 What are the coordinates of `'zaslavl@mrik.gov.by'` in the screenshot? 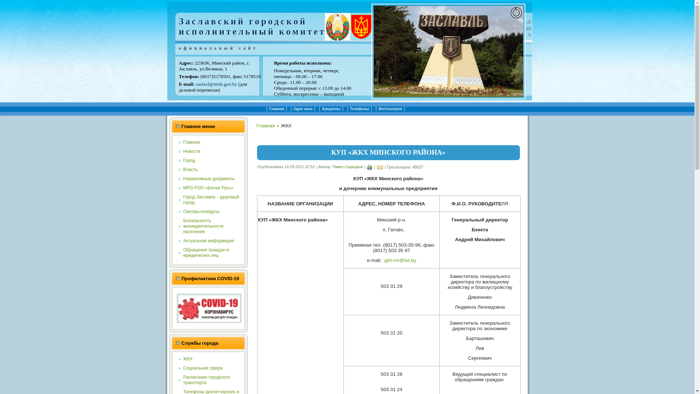 It's located at (216, 84).